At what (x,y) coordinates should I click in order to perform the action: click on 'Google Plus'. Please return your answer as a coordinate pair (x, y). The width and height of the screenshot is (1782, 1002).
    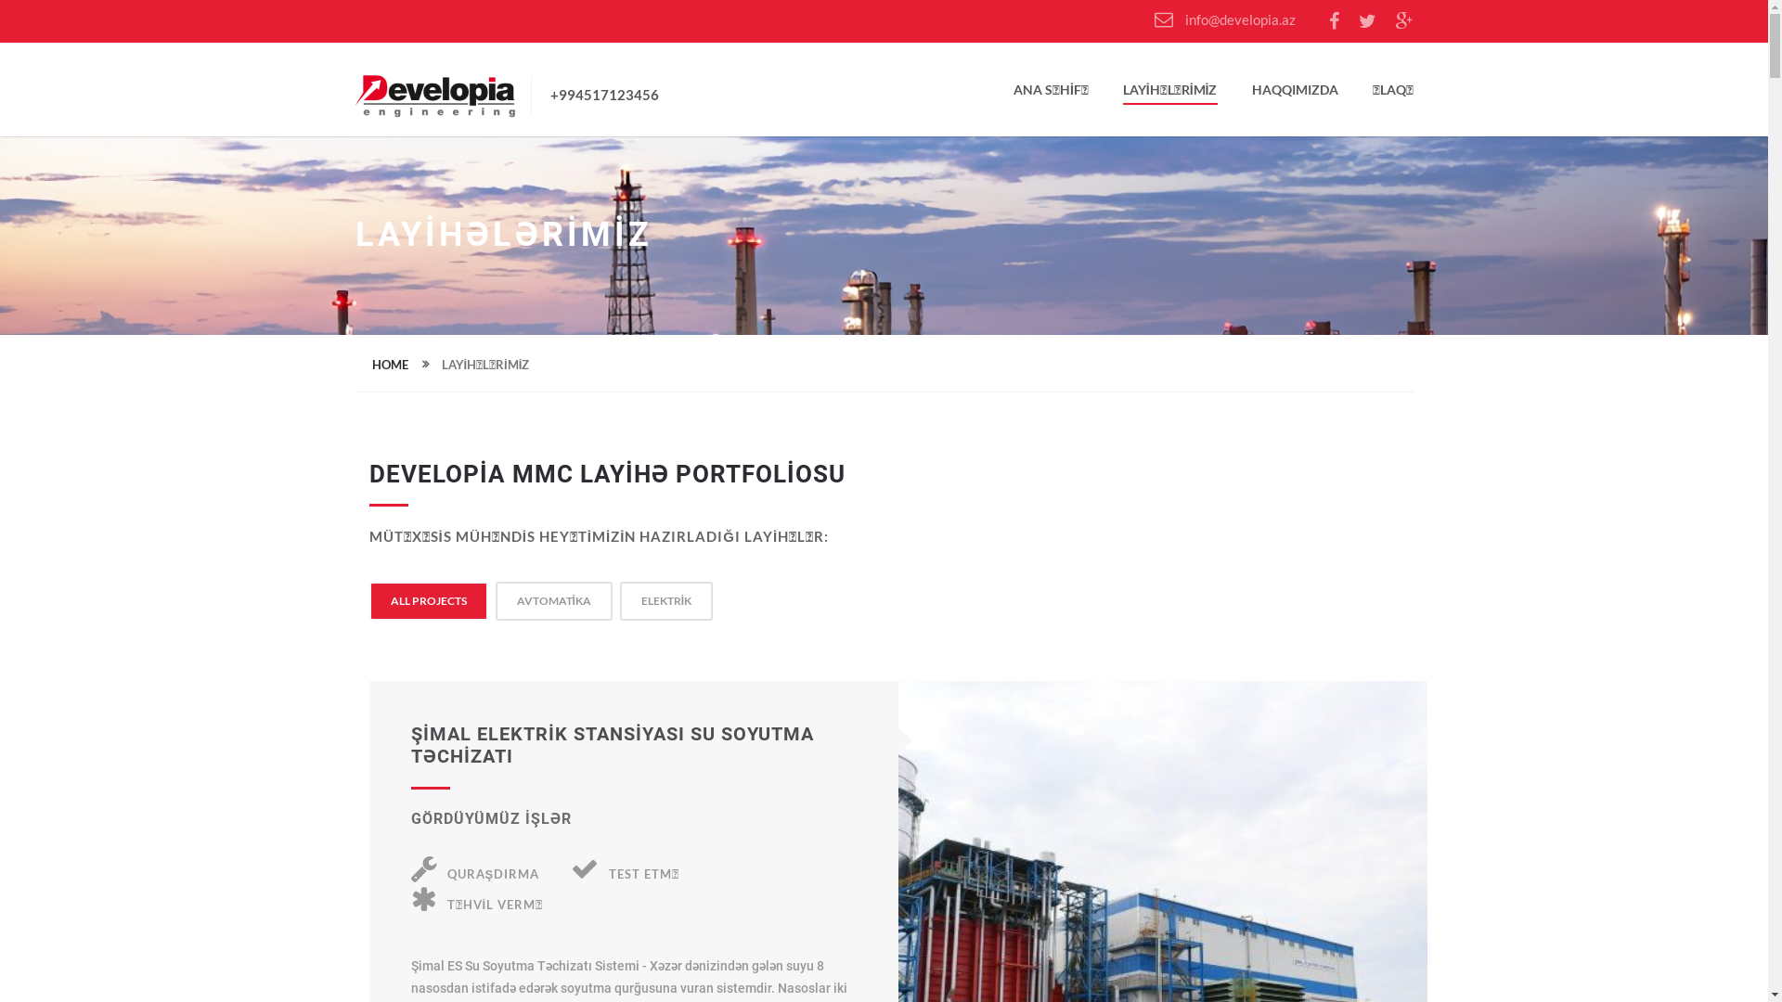
    Looking at the image, I should click on (1404, 21).